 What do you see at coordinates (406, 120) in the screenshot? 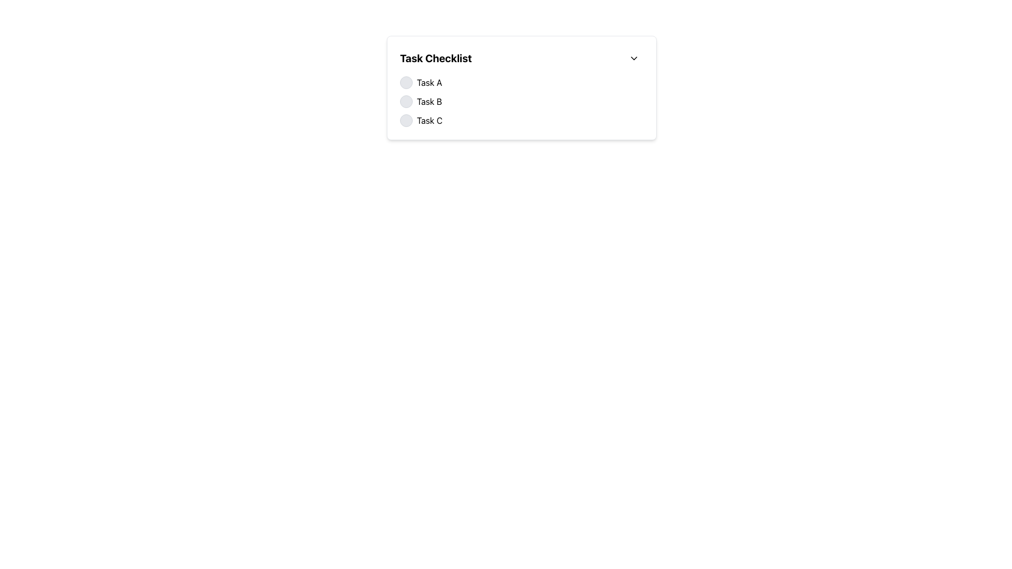
I see `the checkbox styled as a circular button that toggles the task status for 'Task C'` at bounding box center [406, 120].